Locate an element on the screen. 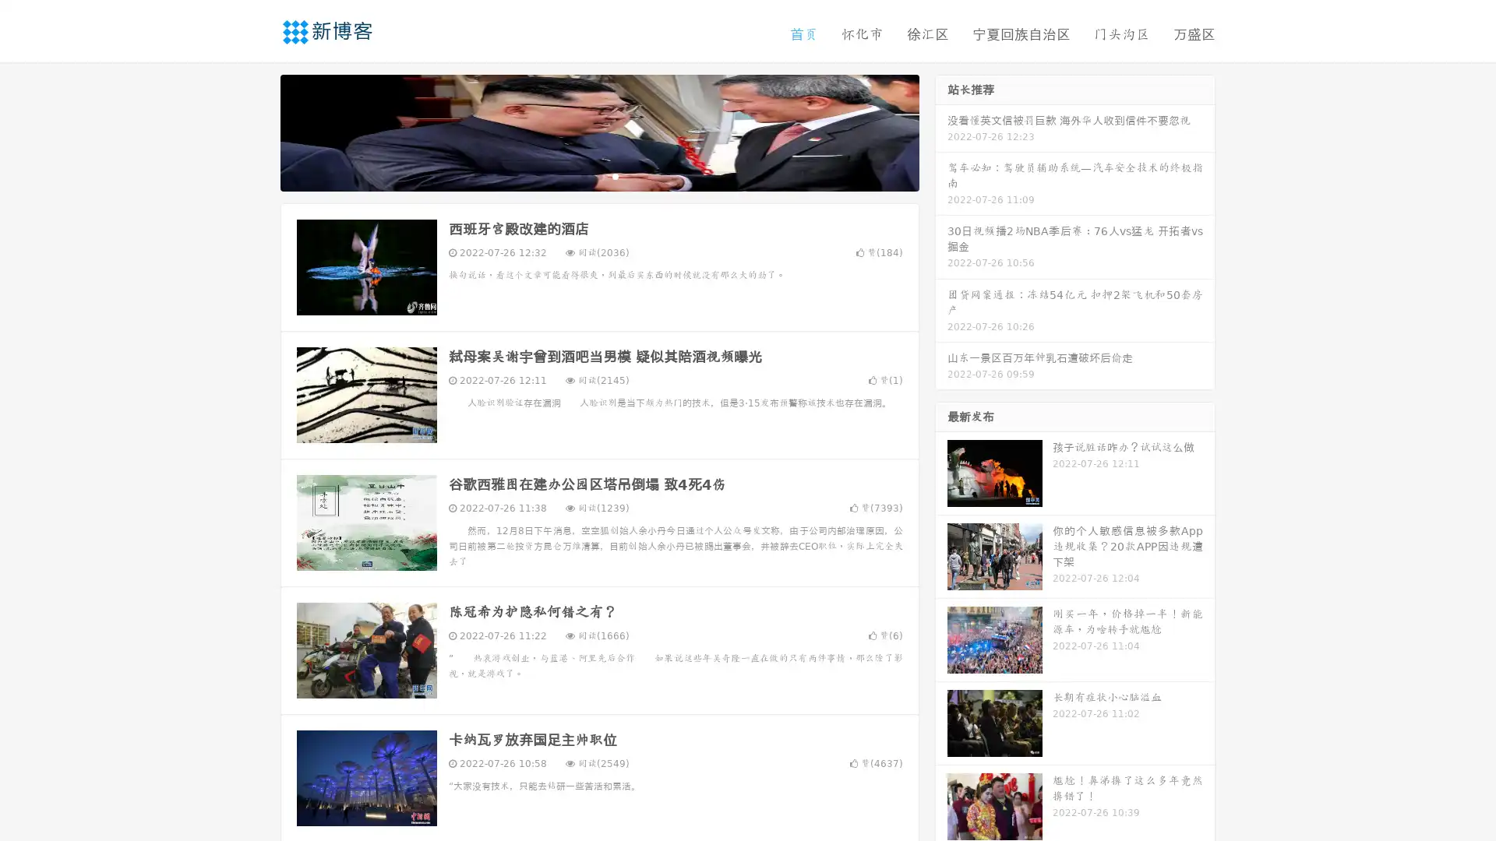 The width and height of the screenshot is (1496, 841). Next slide is located at coordinates (941, 131).